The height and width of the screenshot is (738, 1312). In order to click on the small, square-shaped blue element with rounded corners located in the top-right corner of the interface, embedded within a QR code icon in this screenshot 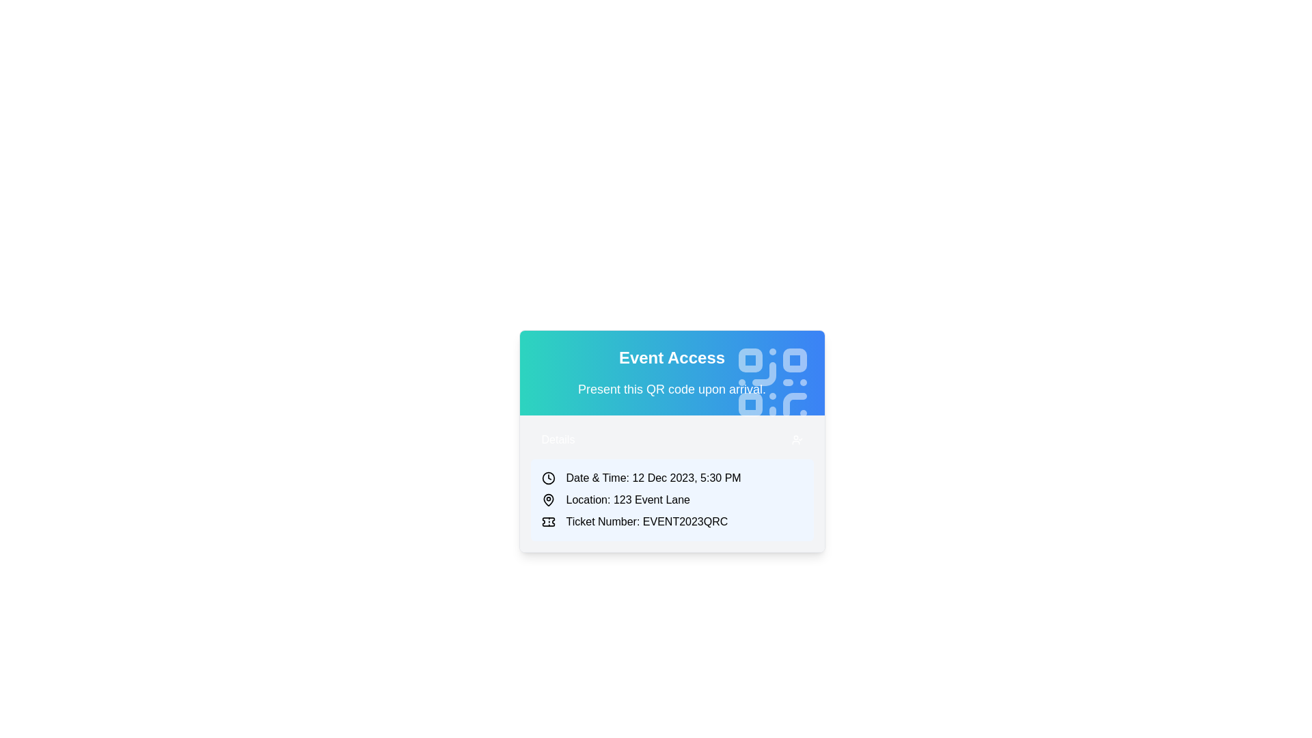, I will do `click(750, 359)`.